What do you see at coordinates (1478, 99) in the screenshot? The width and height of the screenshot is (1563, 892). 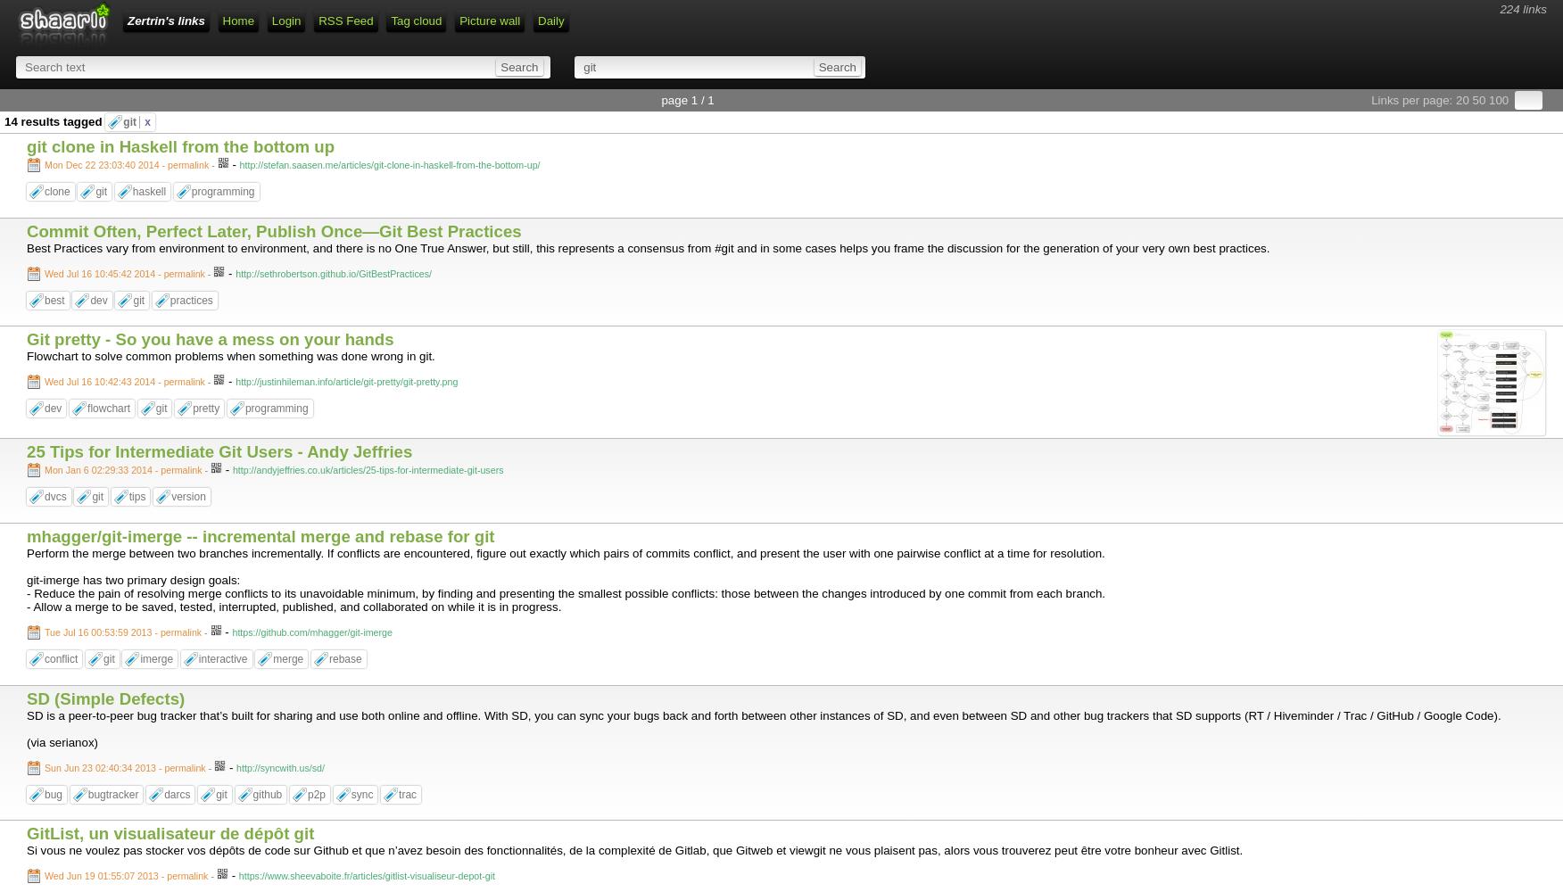 I see `'50'` at bounding box center [1478, 99].